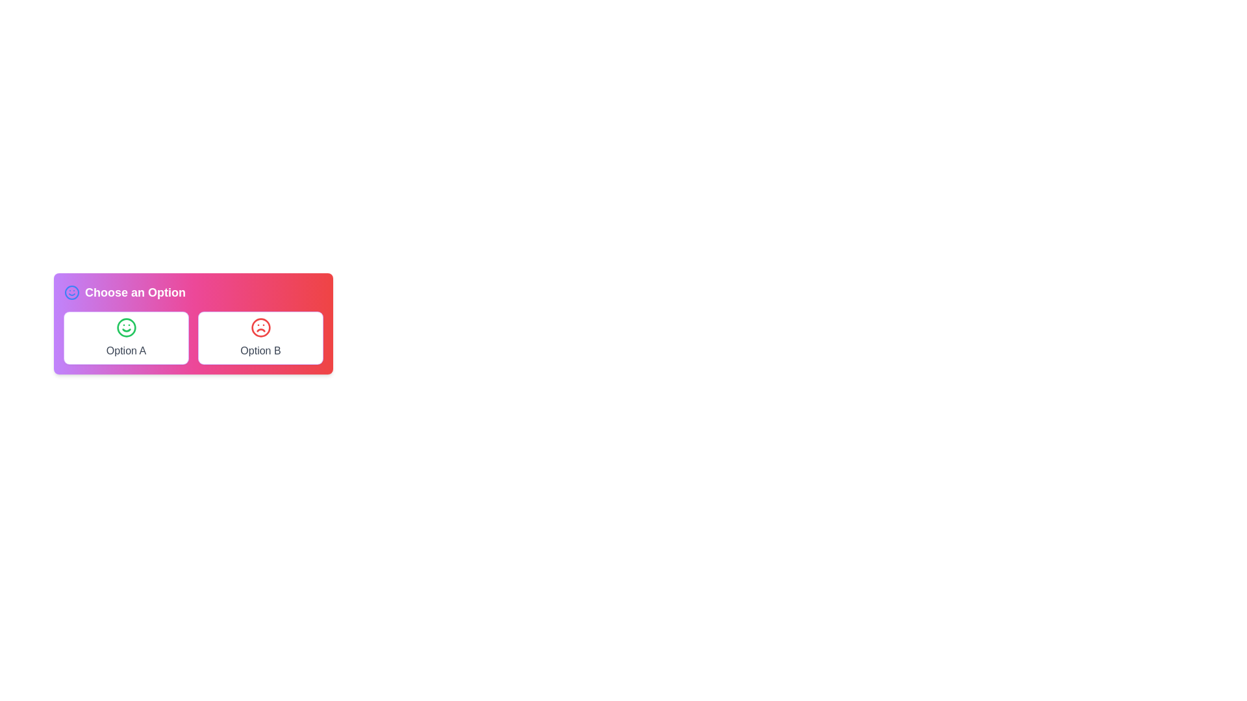 The width and height of the screenshot is (1247, 701). I want to click on the 'Option A' label in the selection interface, which is the first option on the left next to 'Option B', so click(126, 337).